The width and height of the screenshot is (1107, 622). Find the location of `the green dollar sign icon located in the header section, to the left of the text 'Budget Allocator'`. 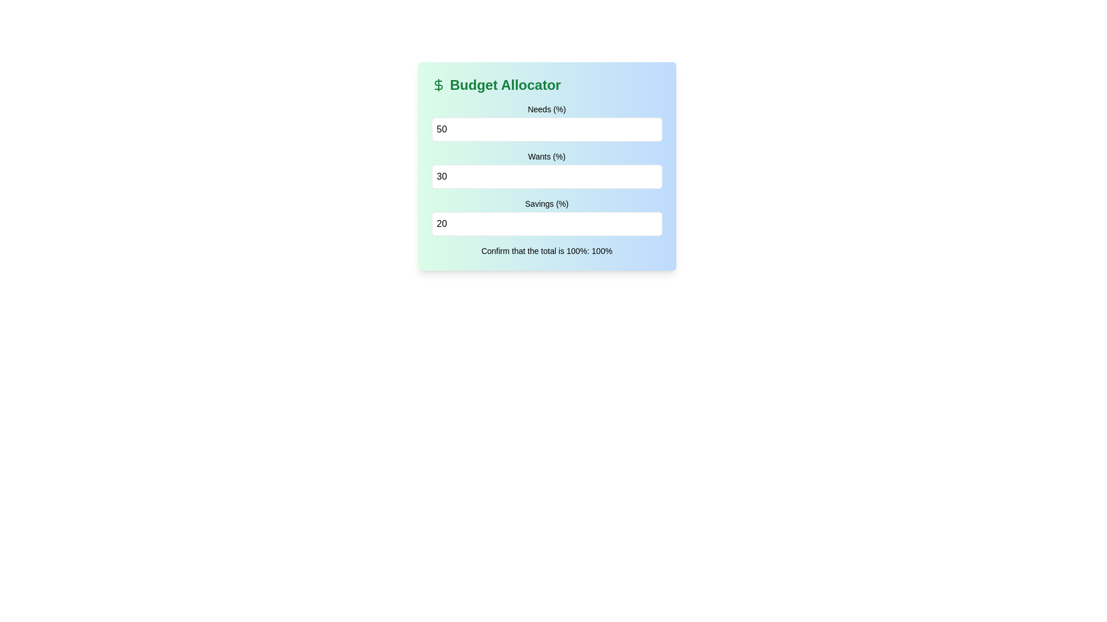

the green dollar sign icon located in the header section, to the left of the text 'Budget Allocator' is located at coordinates (438, 84).